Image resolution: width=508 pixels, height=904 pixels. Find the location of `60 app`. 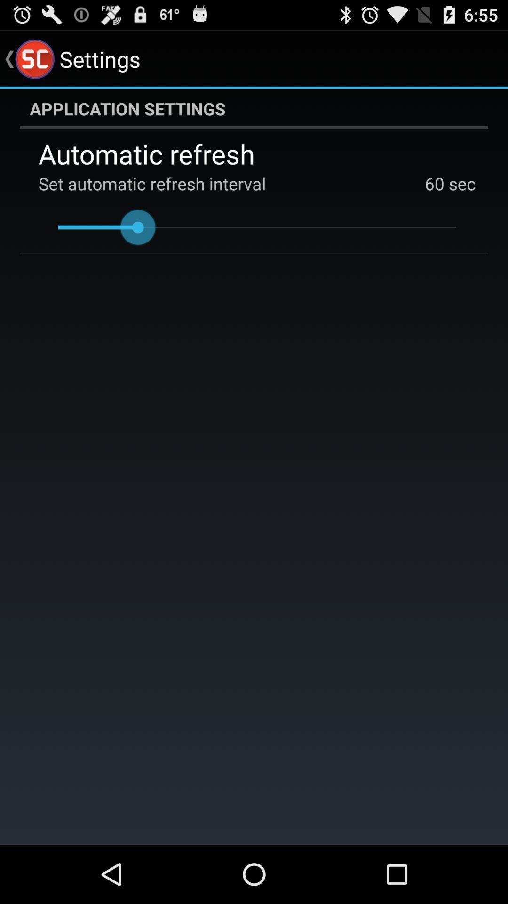

60 app is located at coordinates (435, 183).